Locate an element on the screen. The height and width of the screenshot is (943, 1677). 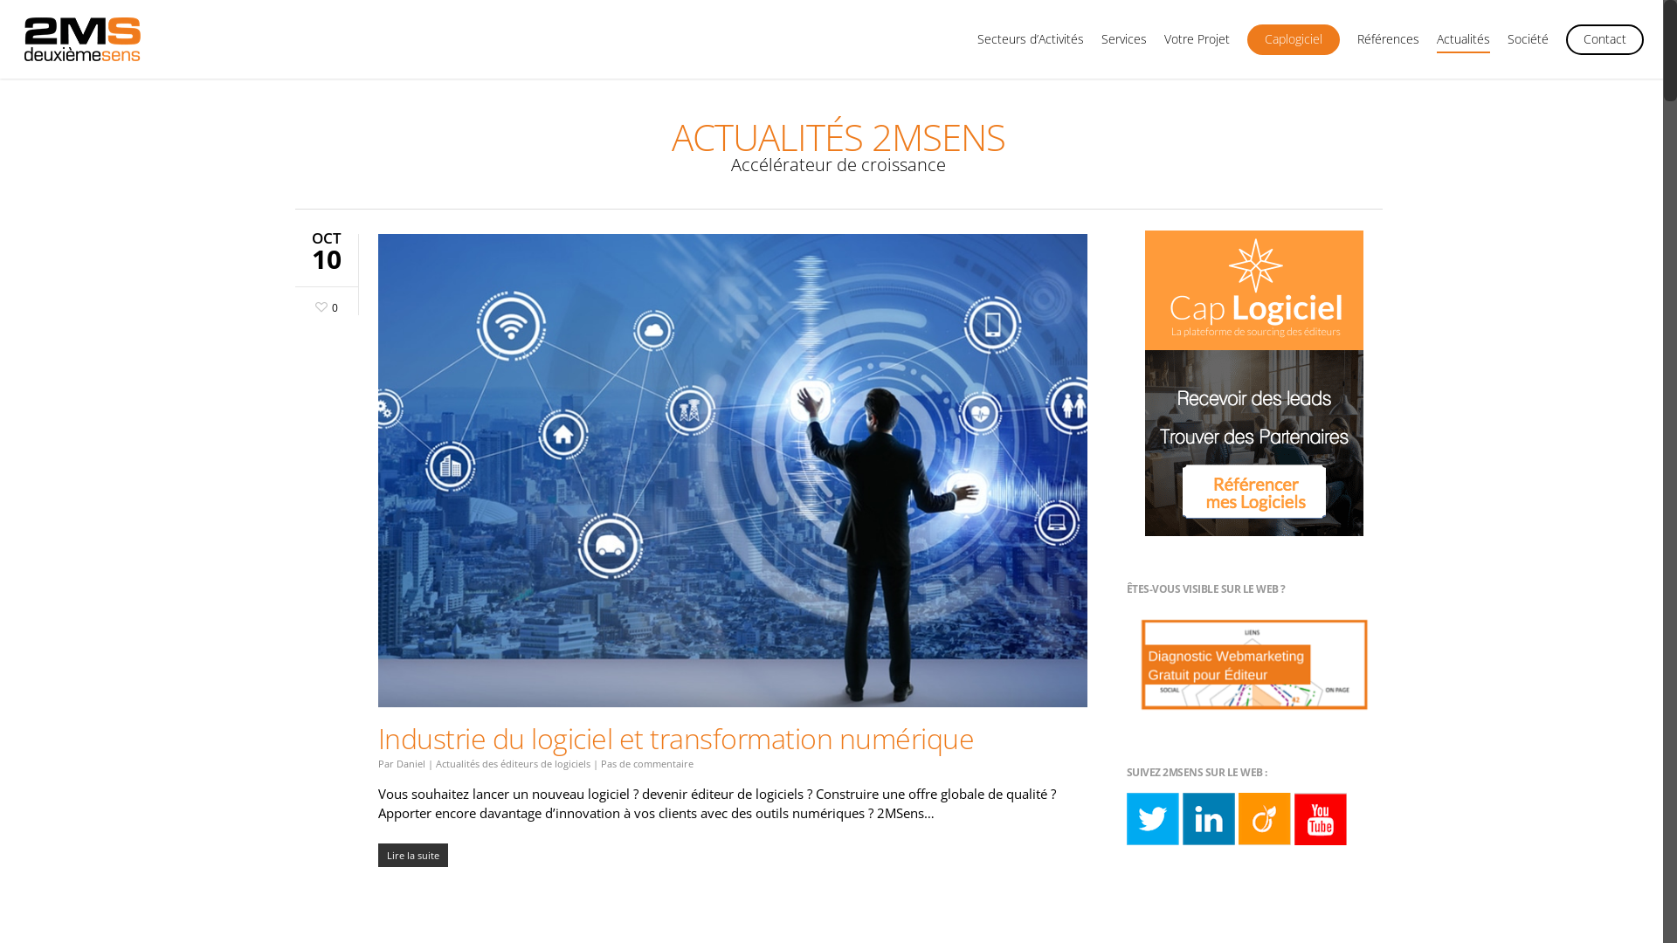
'0' is located at coordinates (323, 304).